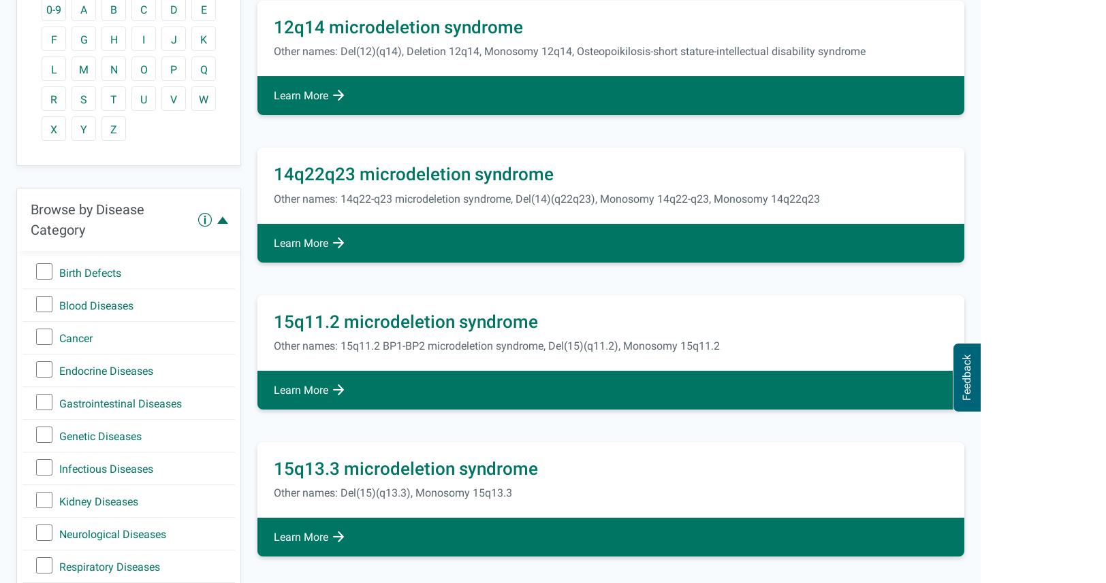 This screenshot has width=1106, height=583. I want to click on 'H', so click(113, 39).